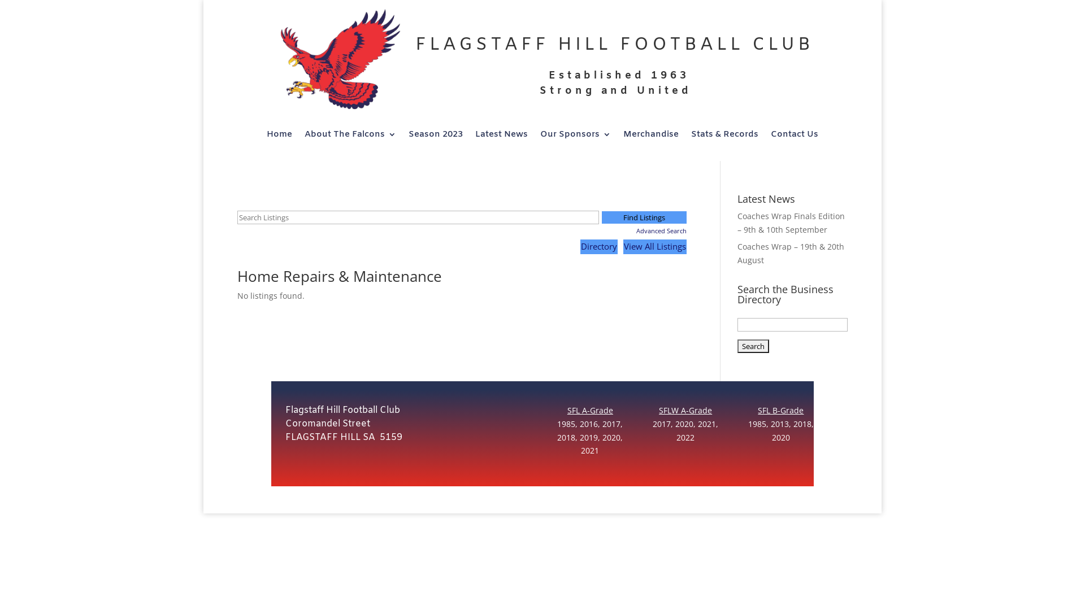  I want to click on 'Search', so click(753, 346).